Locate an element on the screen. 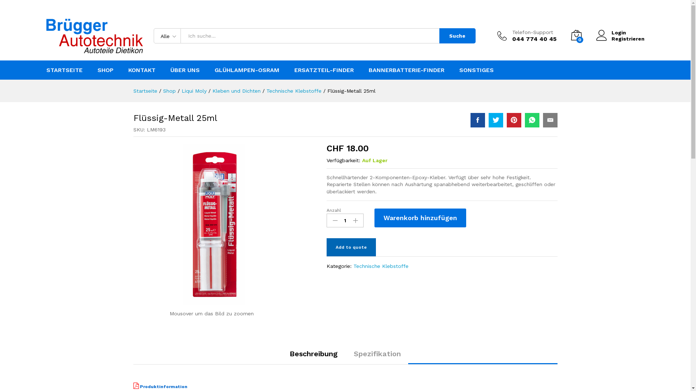 The height and width of the screenshot is (391, 696). 'Kleben und Dichten' is located at coordinates (236, 90).